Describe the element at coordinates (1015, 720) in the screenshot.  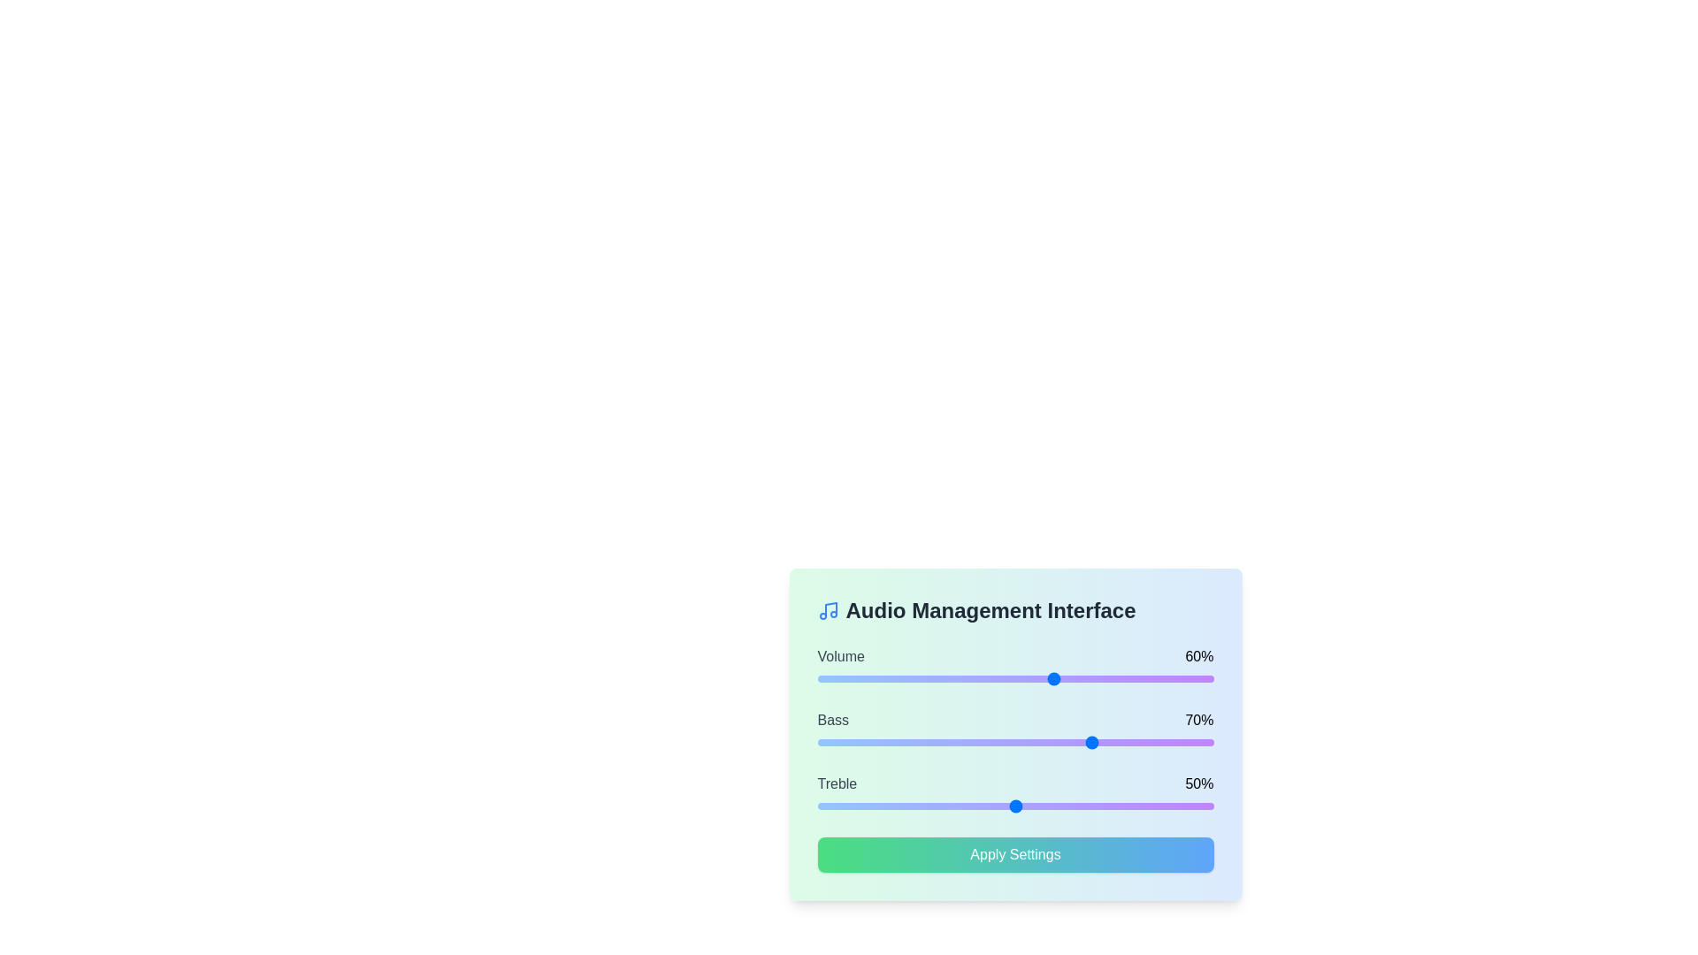
I see `the informational display for the 'Bass' setting, which shows its current value as '70%'` at that location.